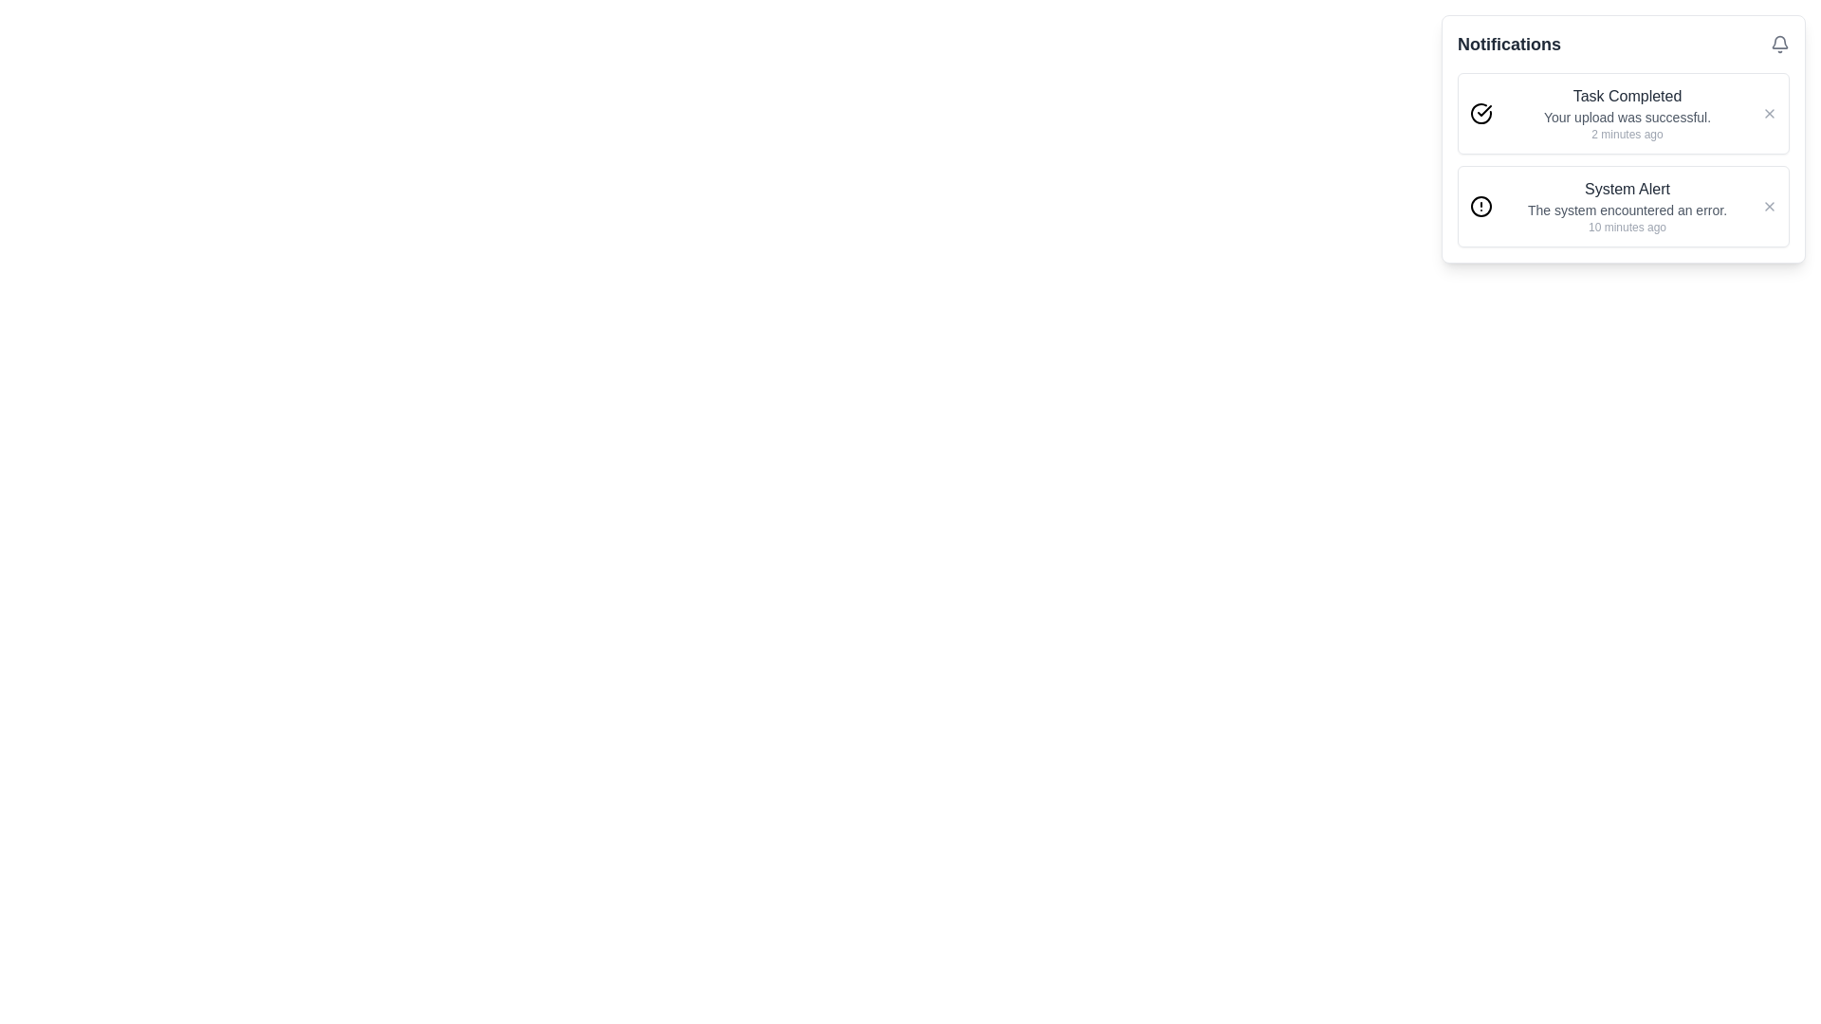  What do you see at coordinates (1778, 42) in the screenshot?
I see `the bell icon, which is positioned in the upper-right corner of the notification panel and visually represents alerts and notifications` at bounding box center [1778, 42].